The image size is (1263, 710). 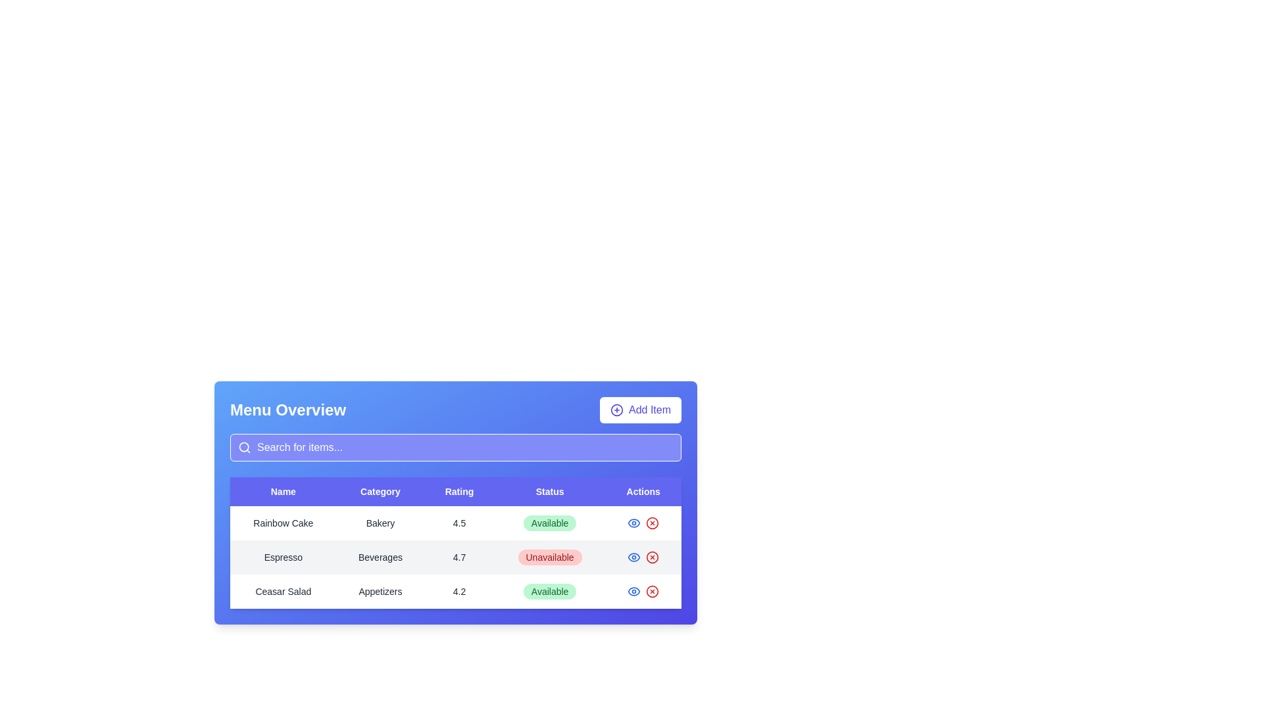 What do you see at coordinates (240, 447) in the screenshot?
I see `the search icon located to the left of the input field with the placeholder text 'Search for items...'. This icon serves as a visual indicator for the search functionality and may execute a search upon clicking` at bounding box center [240, 447].